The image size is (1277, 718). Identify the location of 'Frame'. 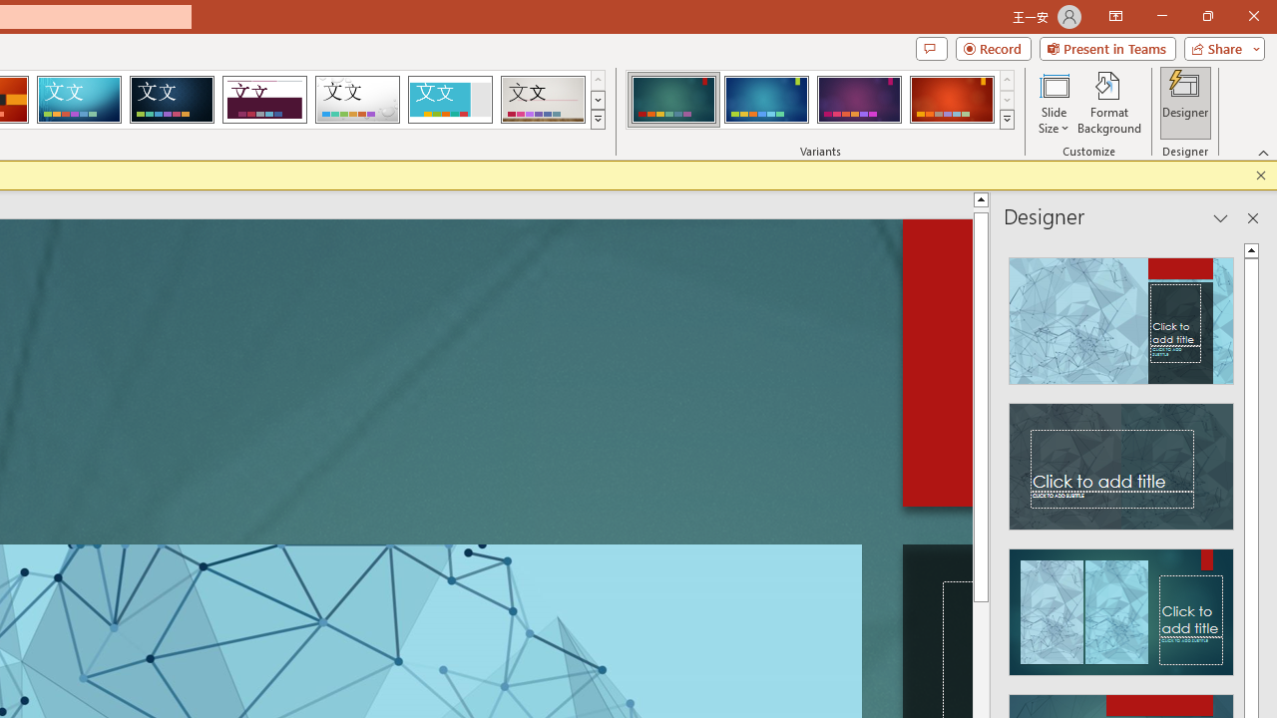
(449, 100).